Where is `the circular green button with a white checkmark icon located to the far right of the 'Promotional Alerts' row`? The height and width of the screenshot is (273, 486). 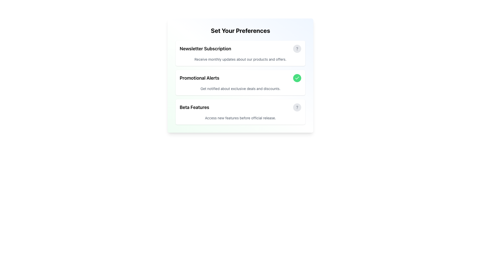
the circular green button with a white checkmark icon located to the far right of the 'Promotional Alerts' row is located at coordinates (297, 78).